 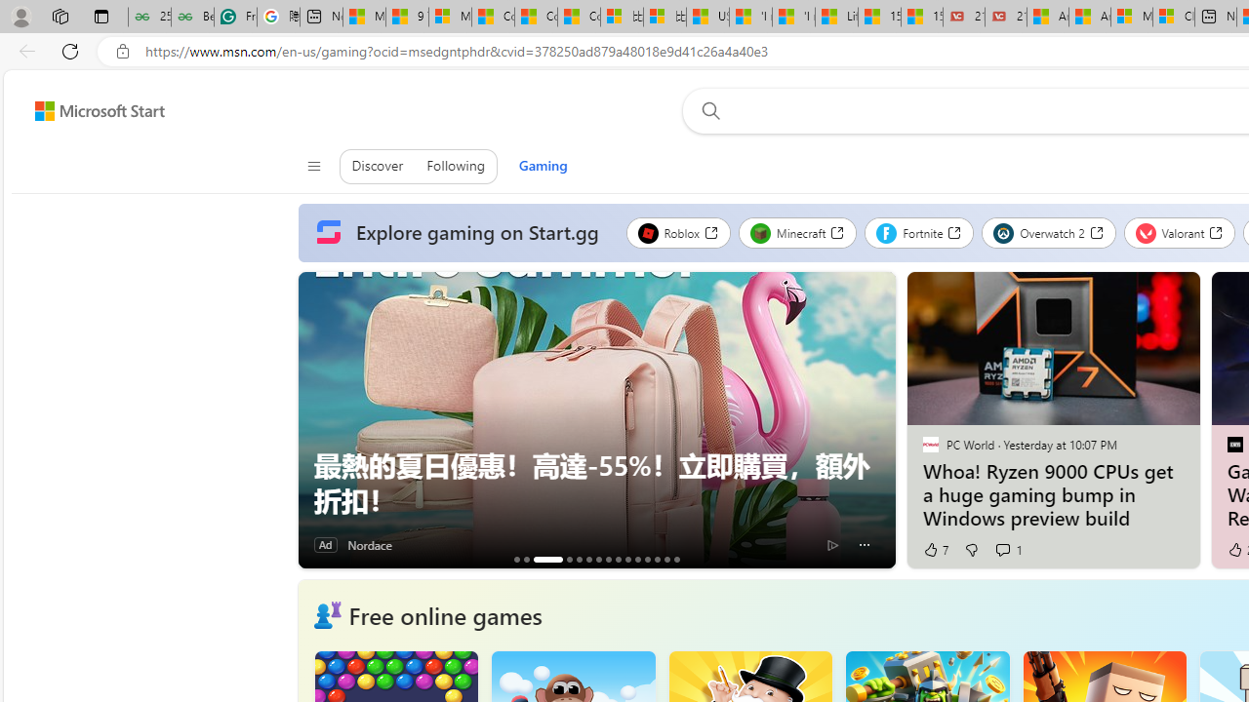 What do you see at coordinates (148, 17) in the screenshot?
I see `'25 Basic Linux Commands For Beginners - GeeksforGeeks'` at bounding box center [148, 17].